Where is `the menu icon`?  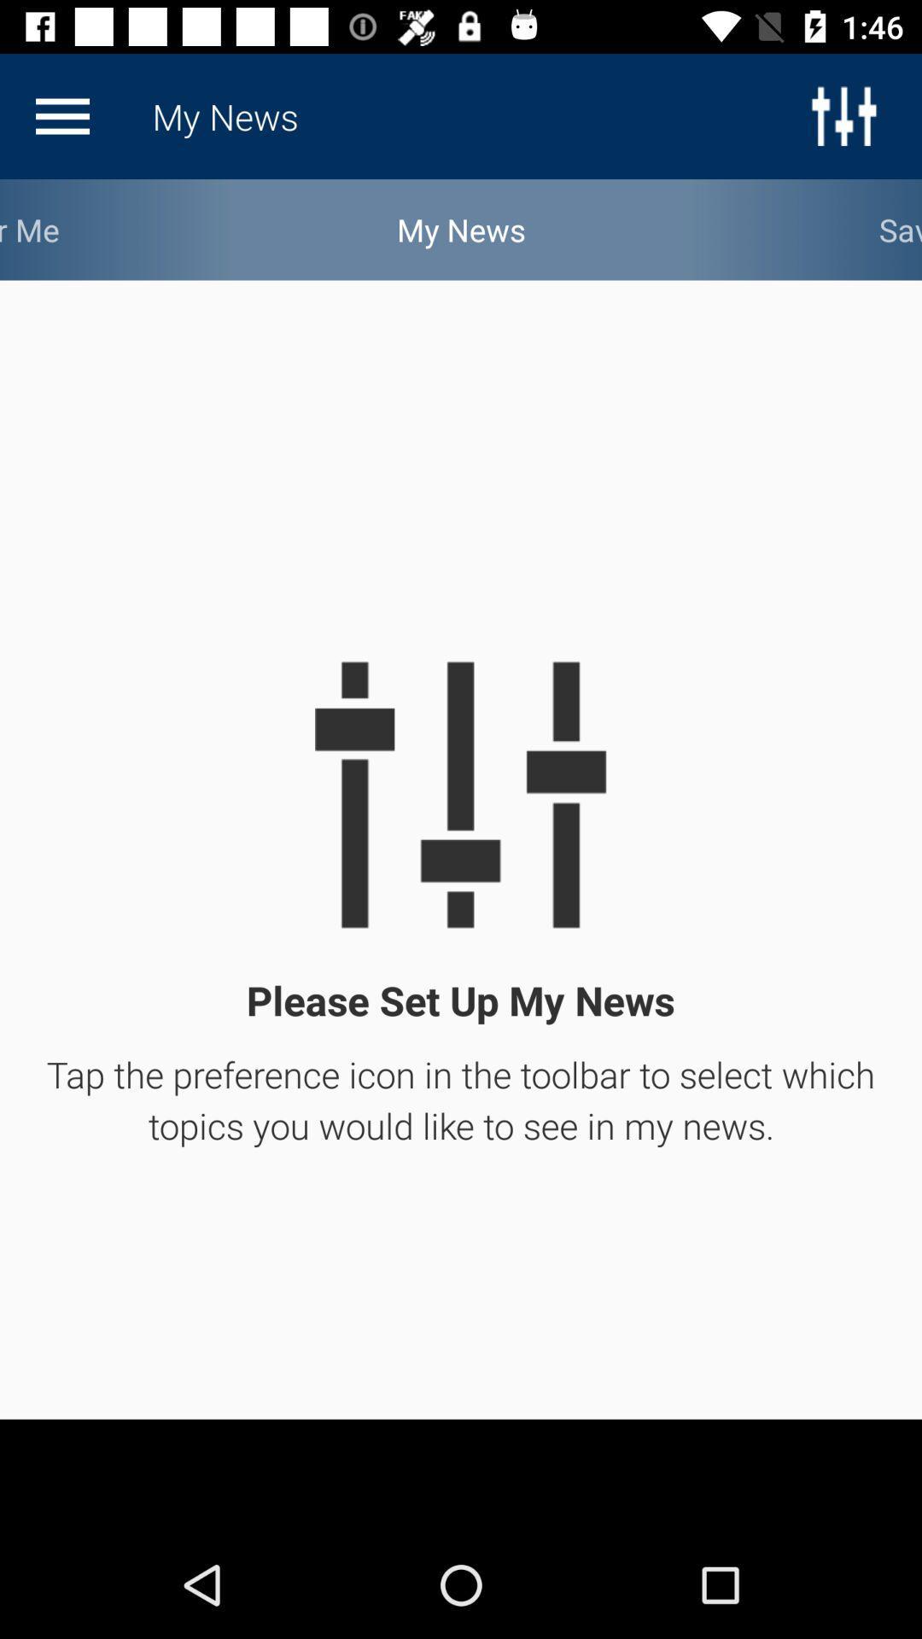
the menu icon is located at coordinates (61, 115).